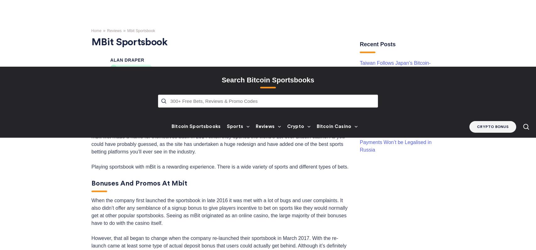 Image resolution: width=536 pixels, height=250 pixels. What do you see at coordinates (360, 26) in the screenshot?
I see `'Deputy Finance Minister: Bitcoin Payments Won’t be Legalised in Russia'` at bounding box center [360, 26].